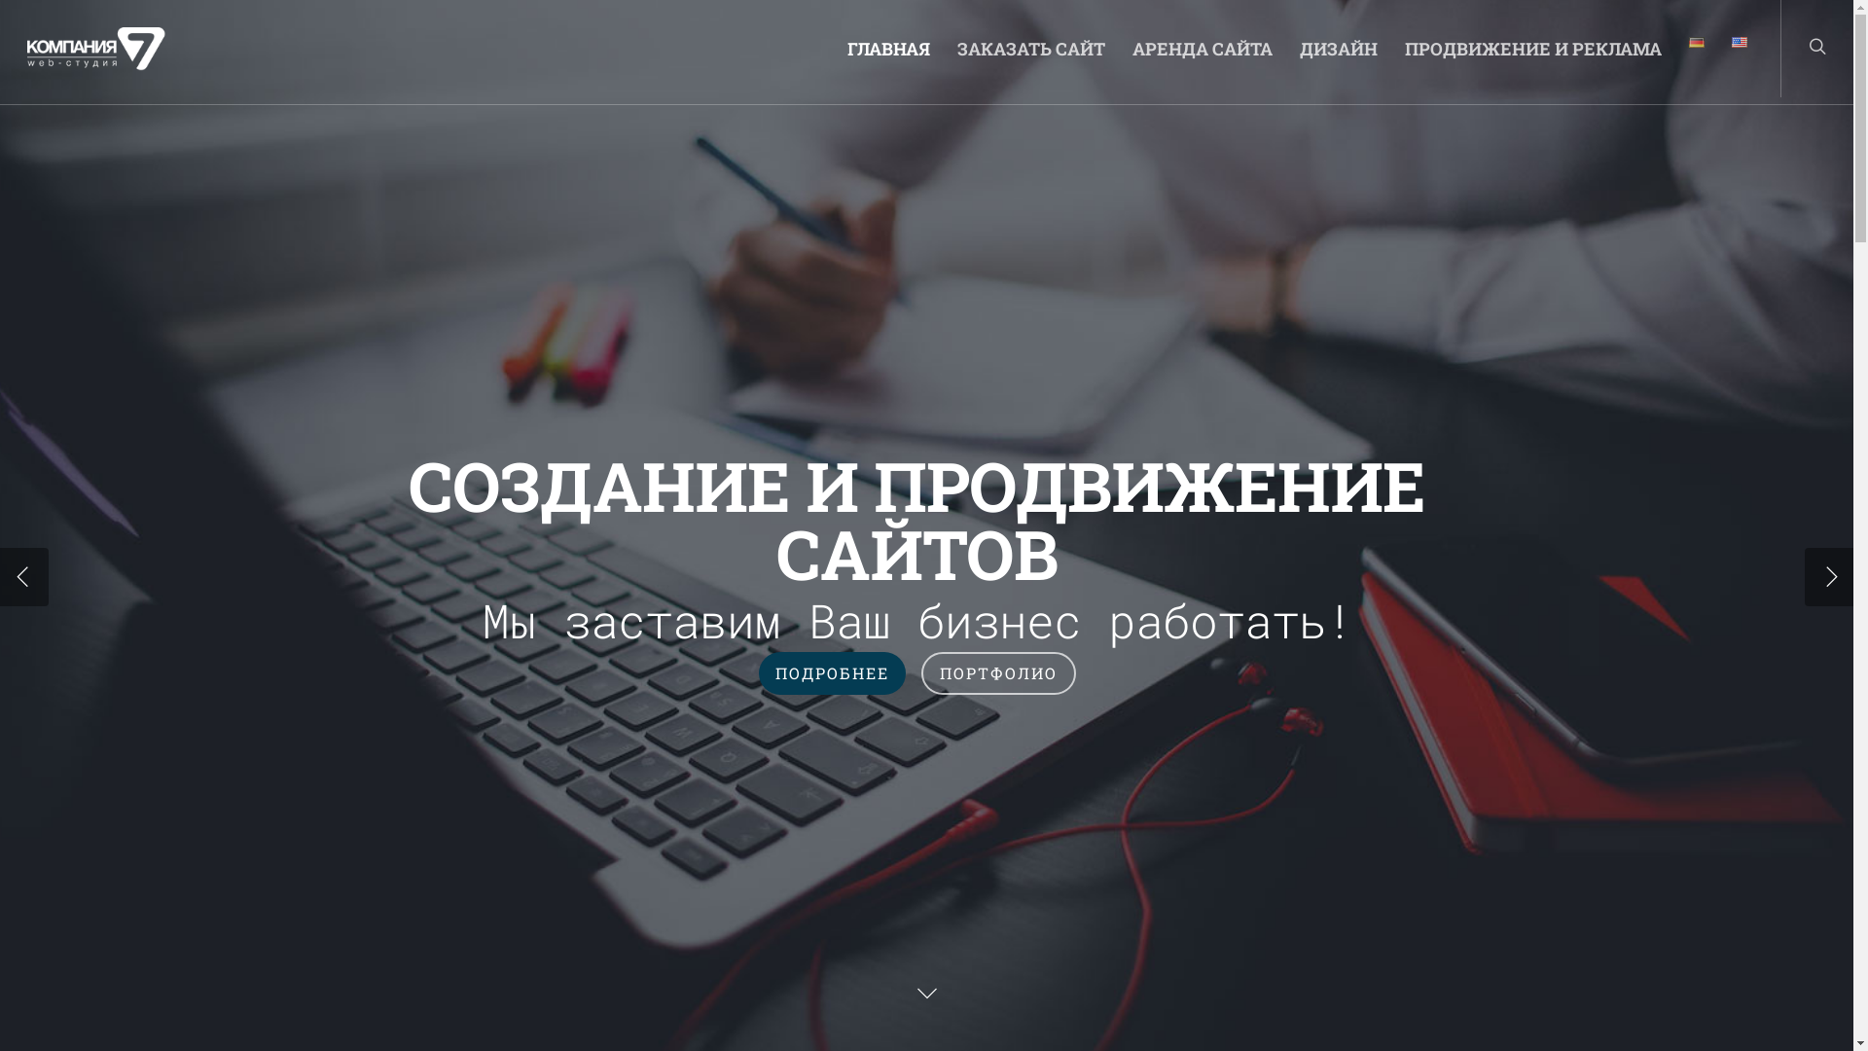  I want to click on 'English', so click(1740, 42).